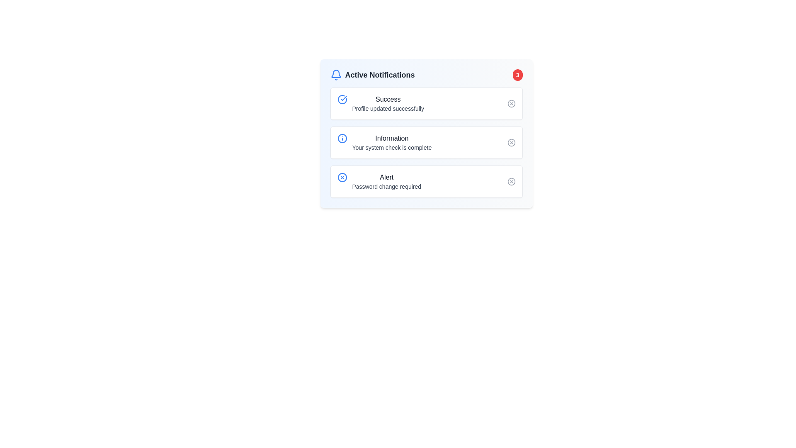  Describe the element at coordinates (342, 99) in the screenshot. I see `the circular blue success icon with a checkmark, which is located next to the 'Success' text and above the message 'Profile updated successfully.'` at that location.